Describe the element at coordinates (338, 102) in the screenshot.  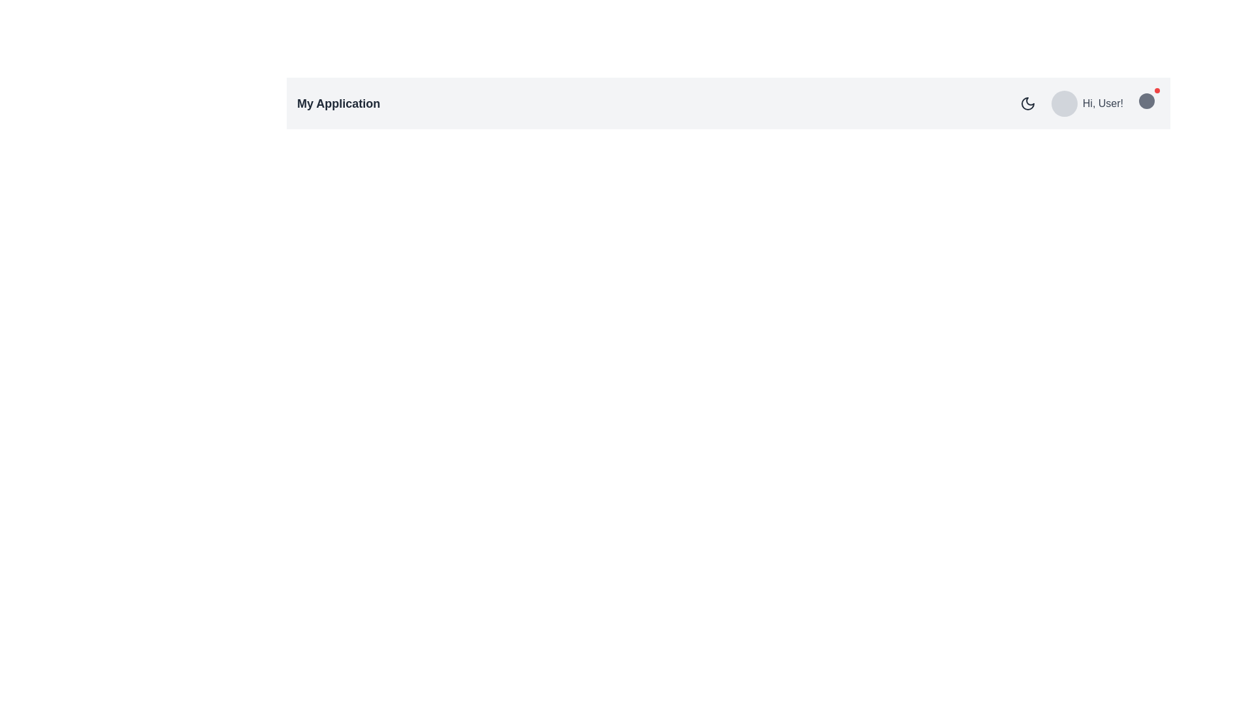
I see `the text element that serves as the title 'My Application' located in the upper-left corner of the header section` at that location.